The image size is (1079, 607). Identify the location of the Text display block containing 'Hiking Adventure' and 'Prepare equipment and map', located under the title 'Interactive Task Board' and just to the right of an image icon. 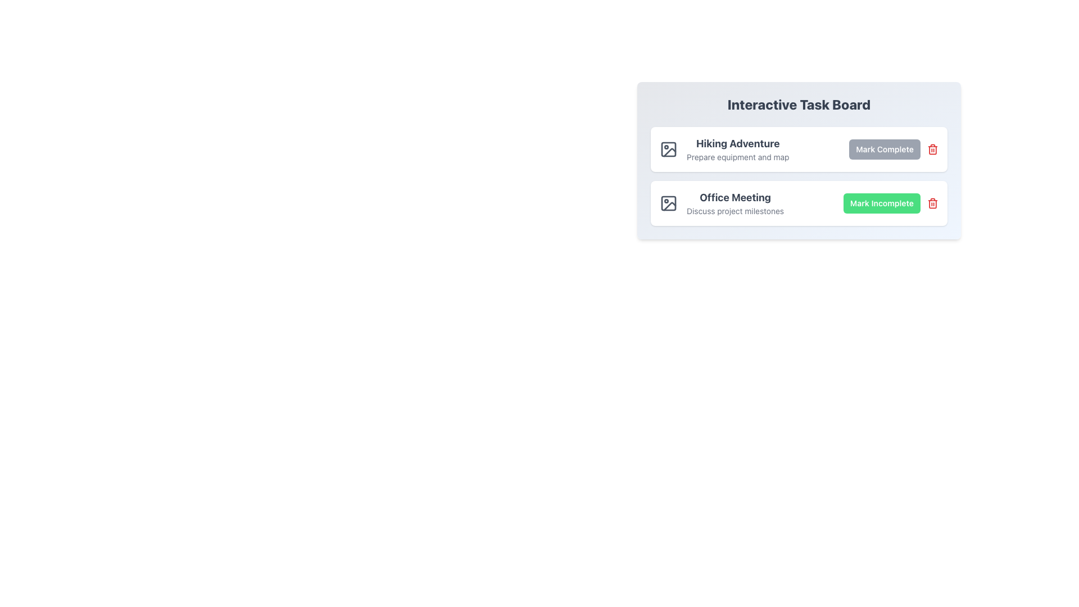
(738, 149).